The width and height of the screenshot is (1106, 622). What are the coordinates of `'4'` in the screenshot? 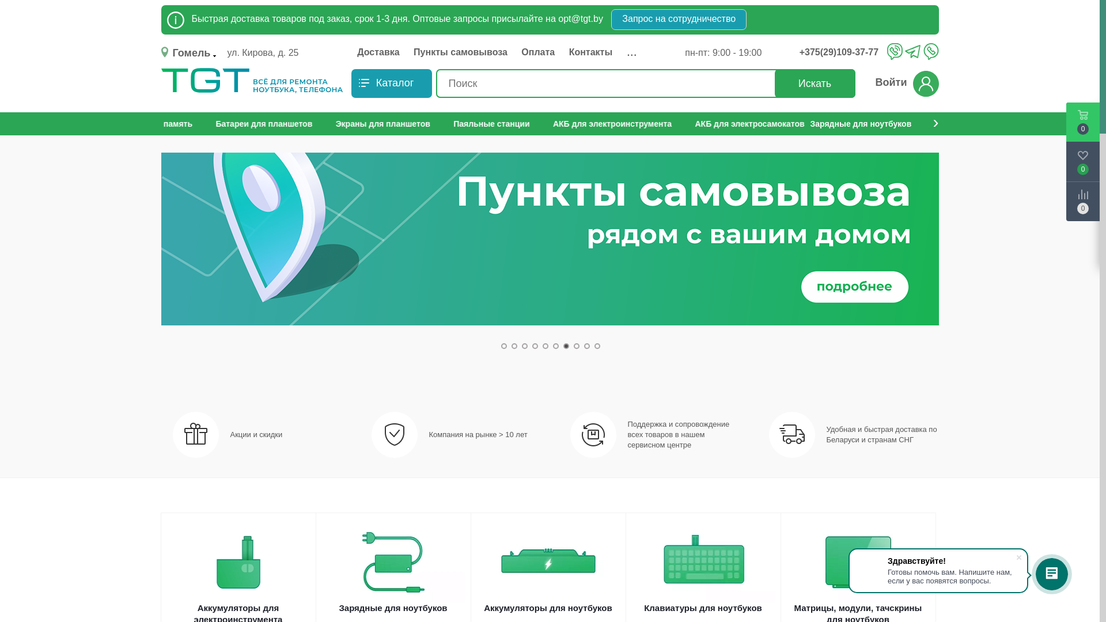 It's located at (535, 346).